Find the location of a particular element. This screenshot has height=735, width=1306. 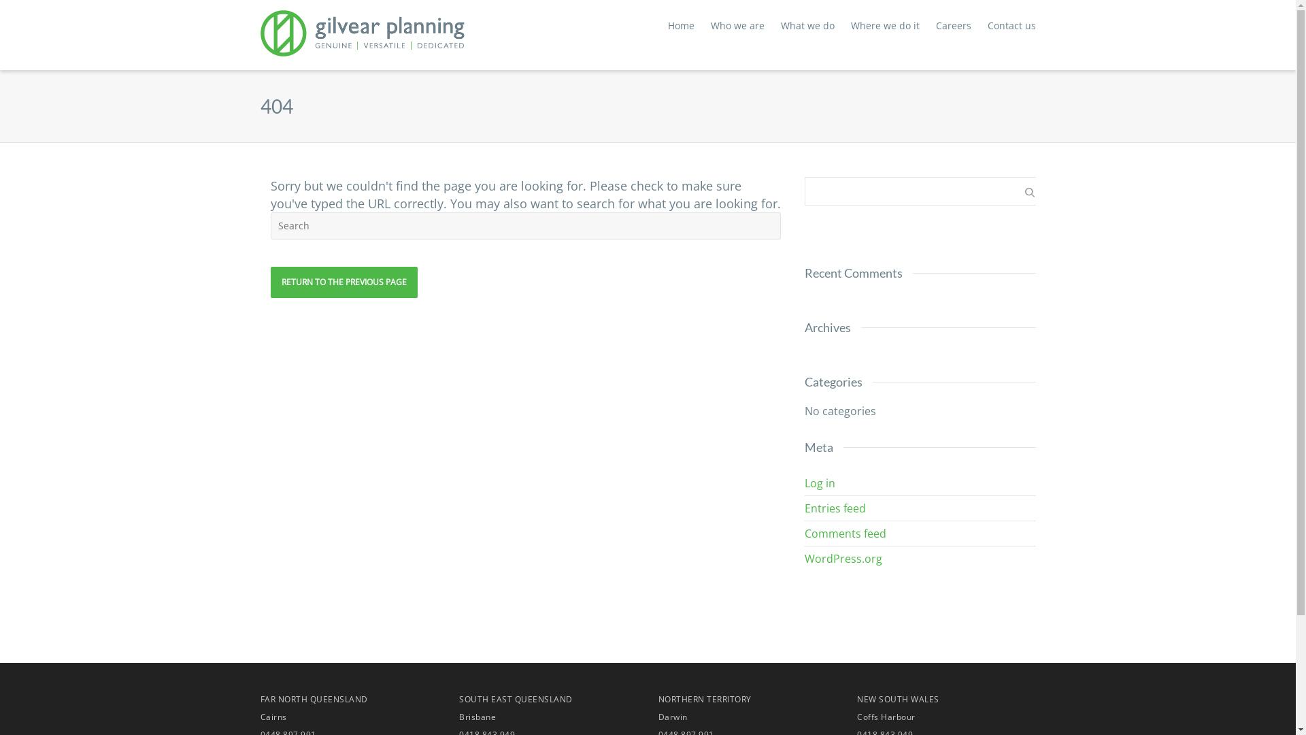

'What we do' is located at coordinates (780, 26).